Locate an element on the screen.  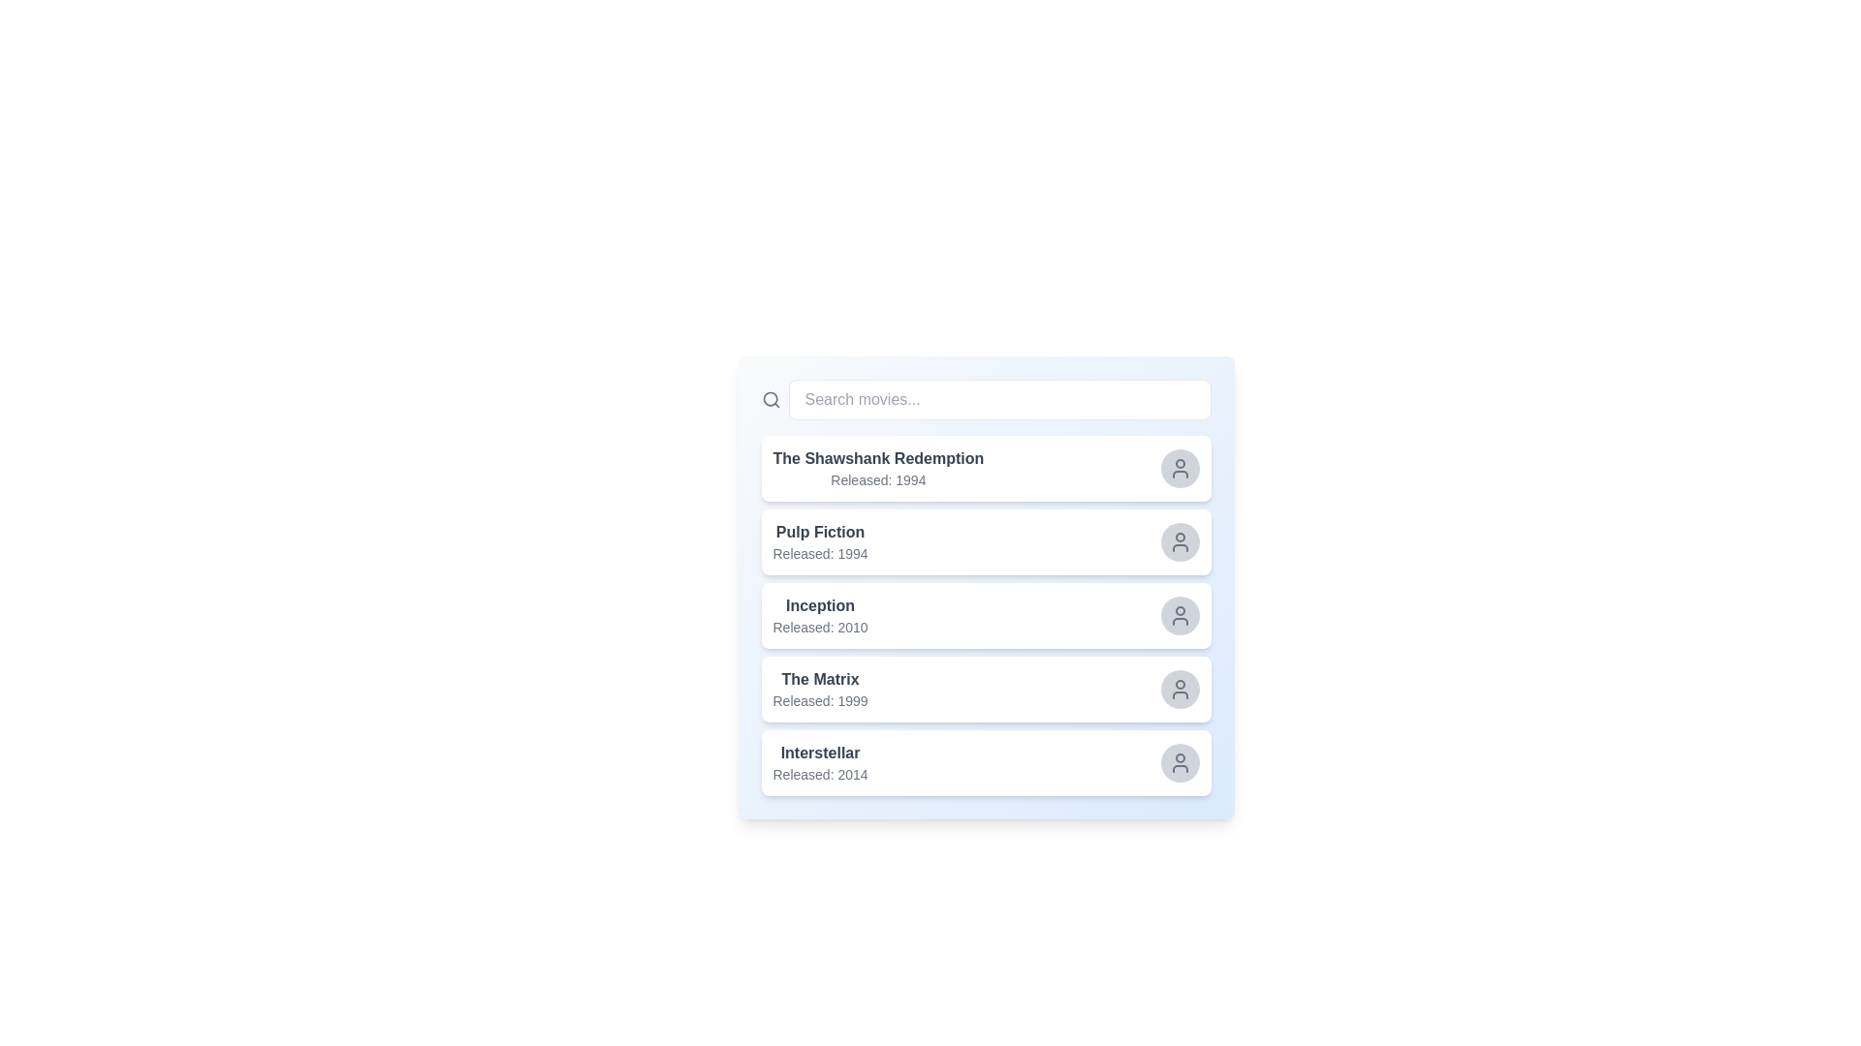
the text label that displays 'Released: 1999', located below the title 'The Matrix' in the fourth item of a vertical list of movies is located at coordinates (820, 701).